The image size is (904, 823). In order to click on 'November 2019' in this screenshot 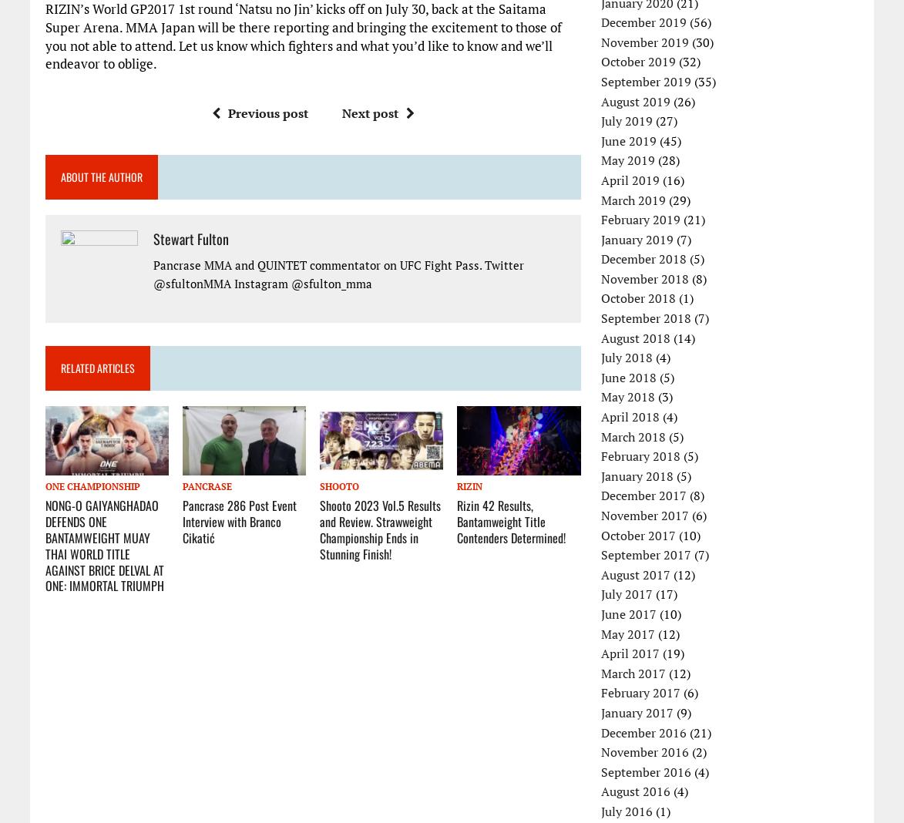, I will do `click(600, 41)`.